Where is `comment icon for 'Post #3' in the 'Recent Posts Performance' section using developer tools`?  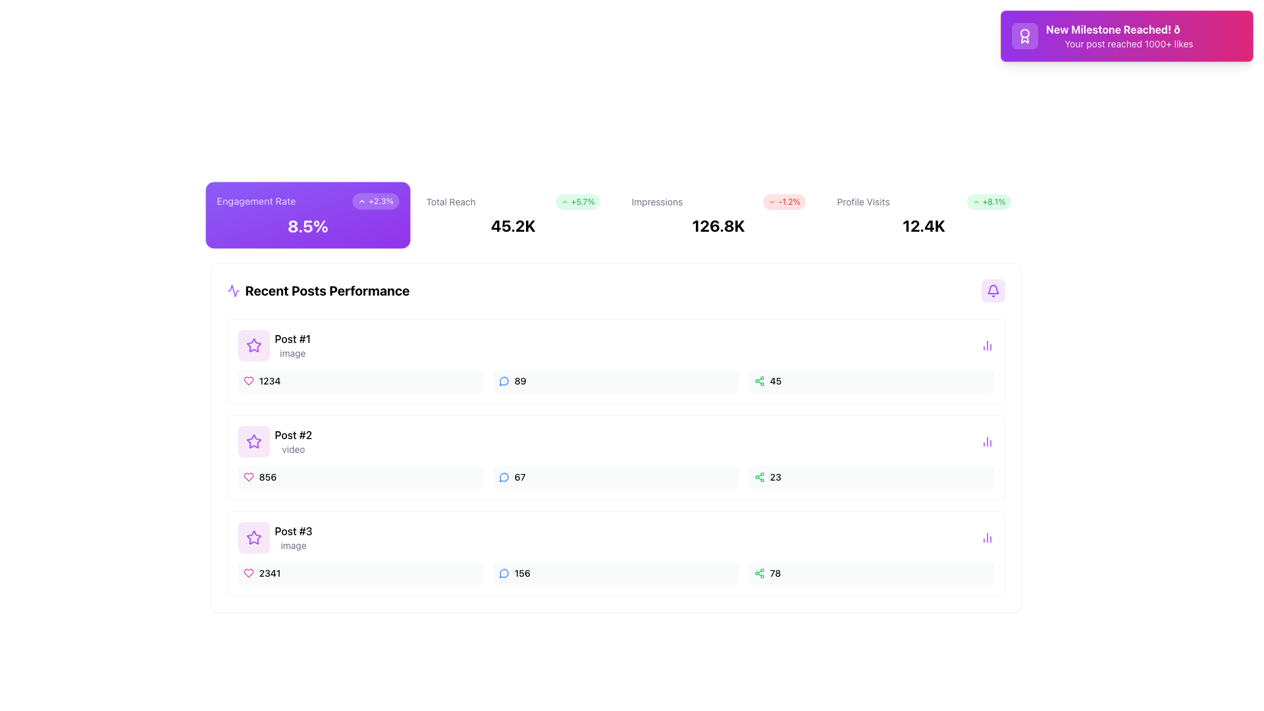
comment icon for 'Post #3' in the 'Recent Posts Performance' section using developer tools is located at coordinates (503, 573).